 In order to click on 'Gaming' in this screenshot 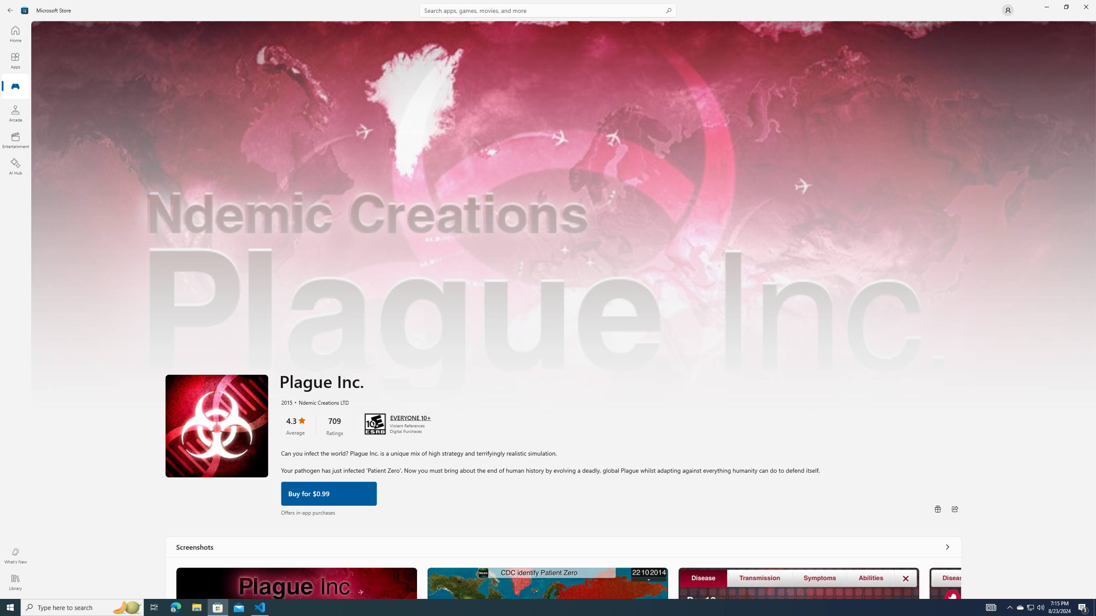, I will do `click(15, 86)`.